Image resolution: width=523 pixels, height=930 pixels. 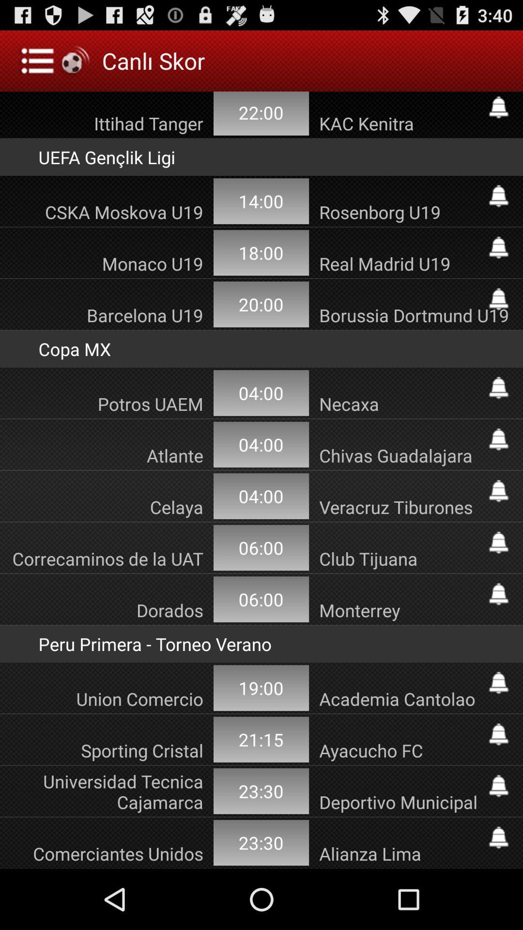 What do you see at coordinates (498, 837) in the screenshot?
I see `turn on notification for game` at bounding box center [498, 837].